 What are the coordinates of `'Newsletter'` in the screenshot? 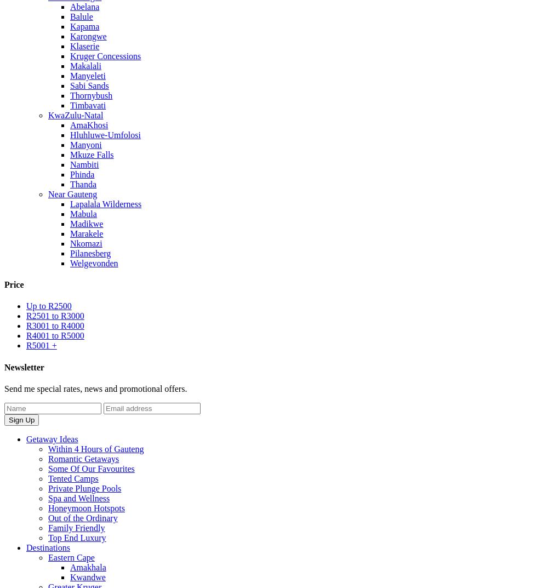 It's located at (24, 367).